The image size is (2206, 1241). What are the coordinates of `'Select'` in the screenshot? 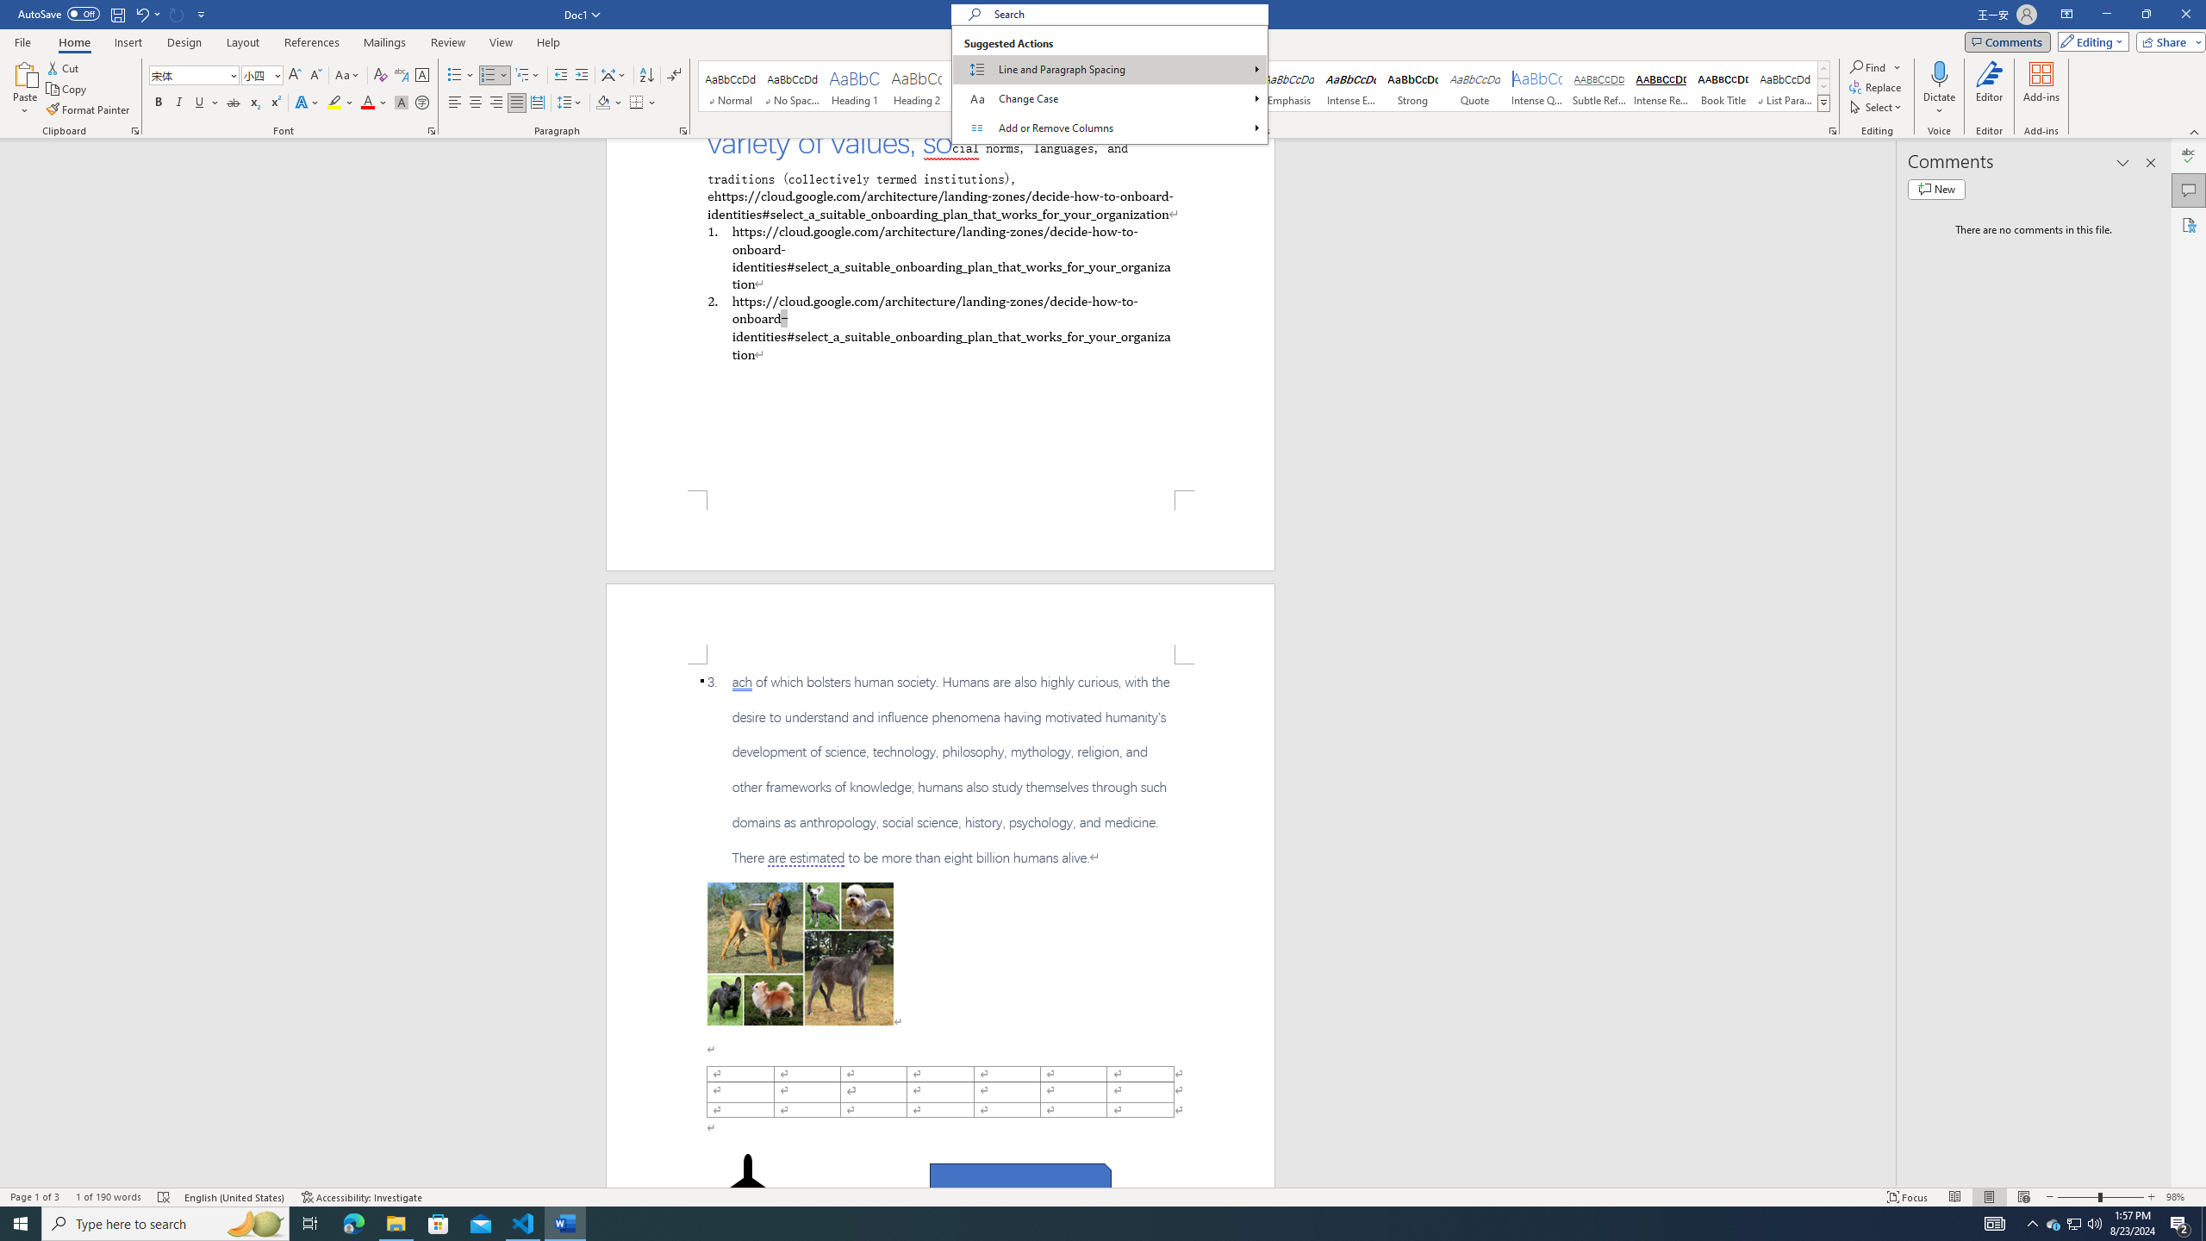 It's located at (1876, 105).